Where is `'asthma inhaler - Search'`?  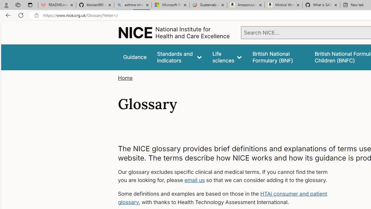 'asthma inhaler - Search' is located at coordinates (132, 5).